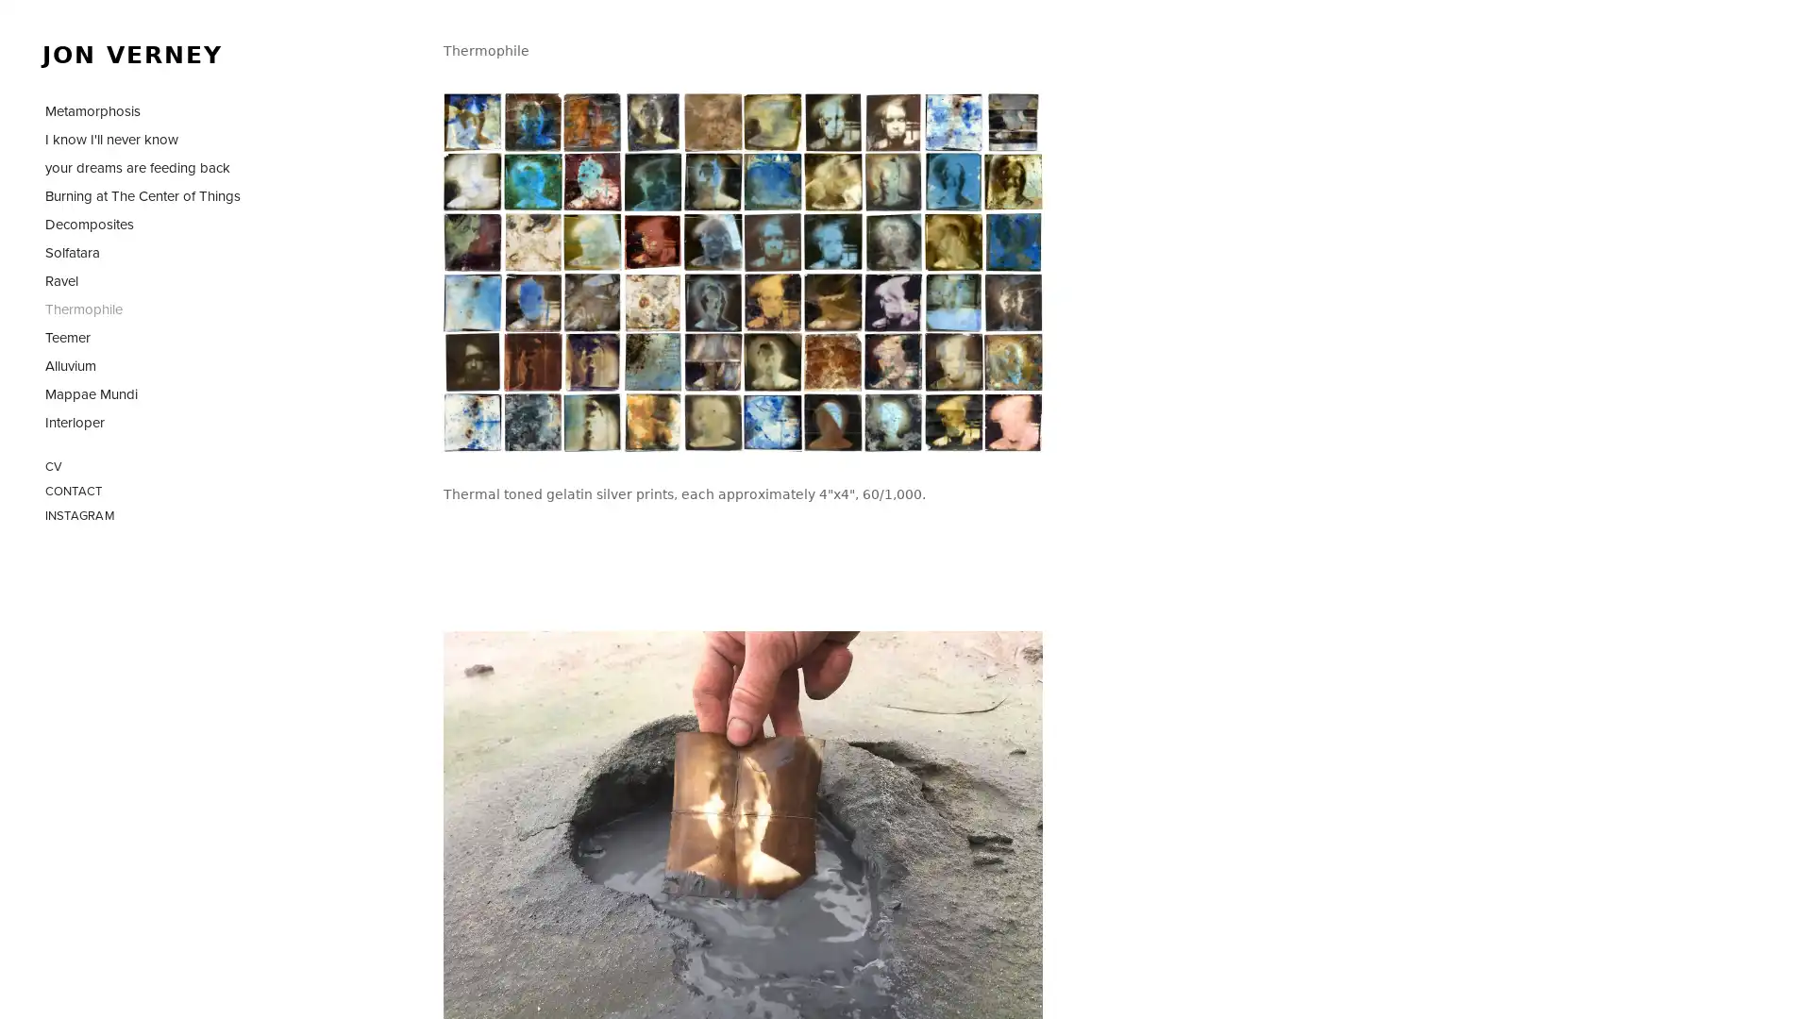  What do you see at coordinates (891, 121) in the screenshot?
I see `View fullsize jon_verney_thermophile_46.jpg` at bounding box center [891, 121].